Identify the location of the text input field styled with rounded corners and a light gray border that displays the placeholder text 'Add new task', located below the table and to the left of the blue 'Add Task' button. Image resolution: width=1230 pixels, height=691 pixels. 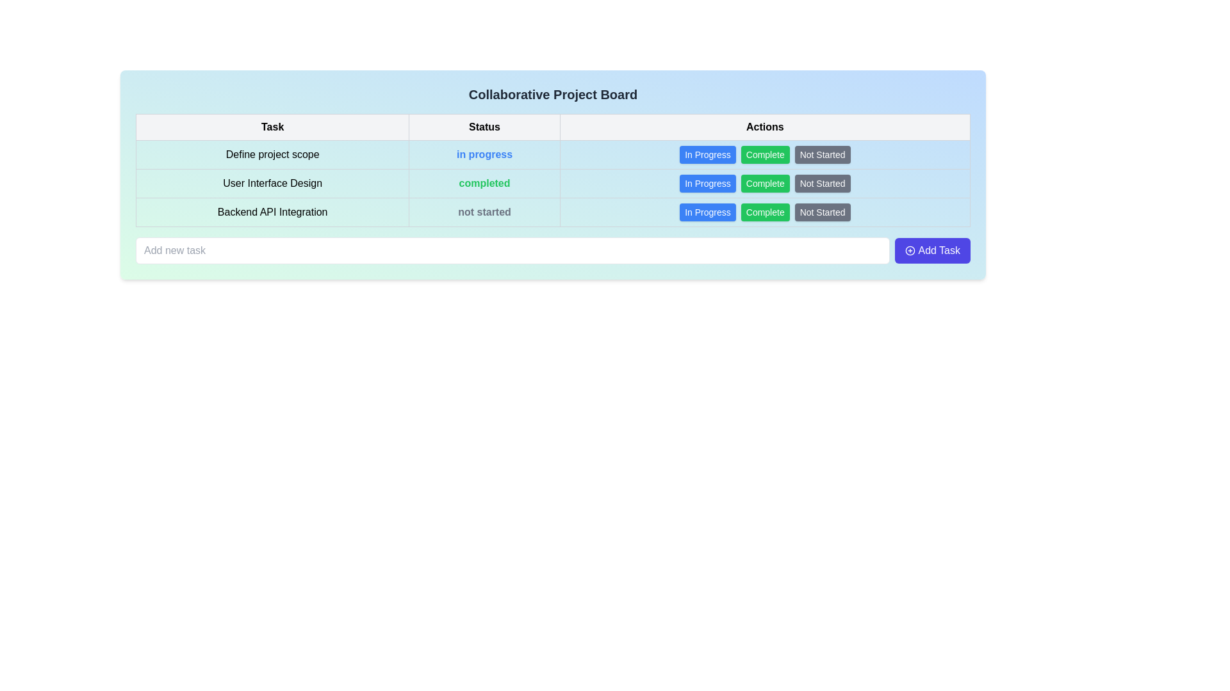
(512, 251).